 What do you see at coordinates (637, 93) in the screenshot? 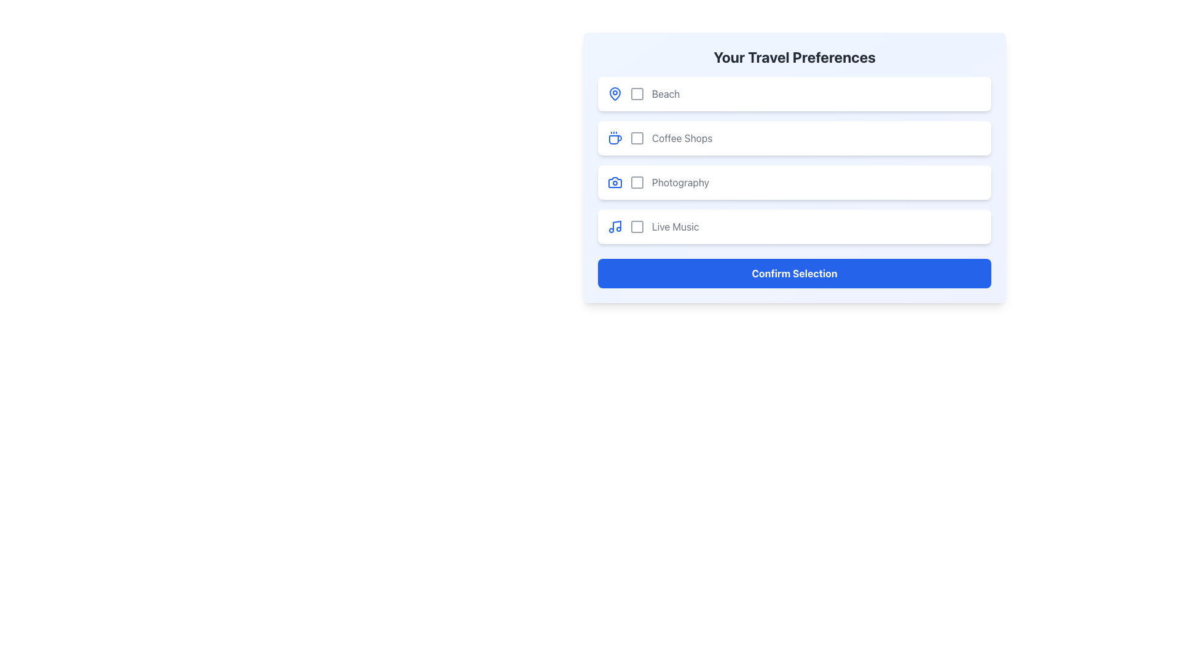
I see `the muted gray square icon with circular corners located to the left of the text label 'Beach' in the first row of travel preferences` at bounding box center [637, 93].